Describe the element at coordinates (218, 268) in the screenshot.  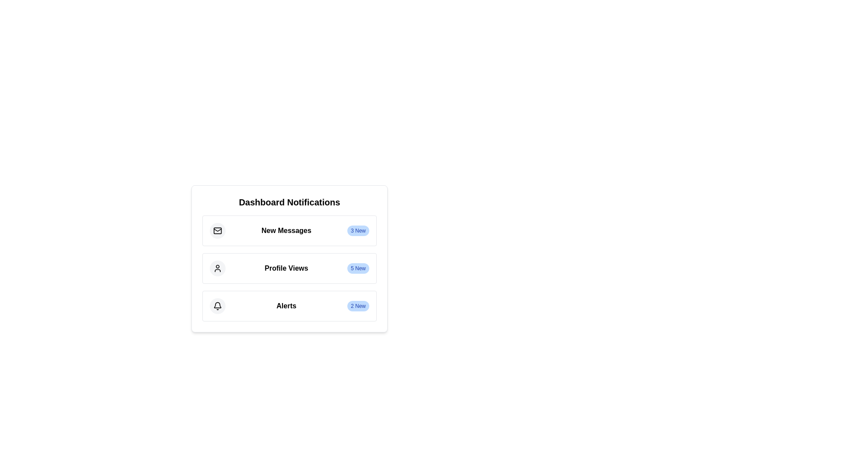
I see `the 'Profile Views' notification icon, which is positioned to the left of the text 'Profile Views' and the badge showing '5 New'` at that location.